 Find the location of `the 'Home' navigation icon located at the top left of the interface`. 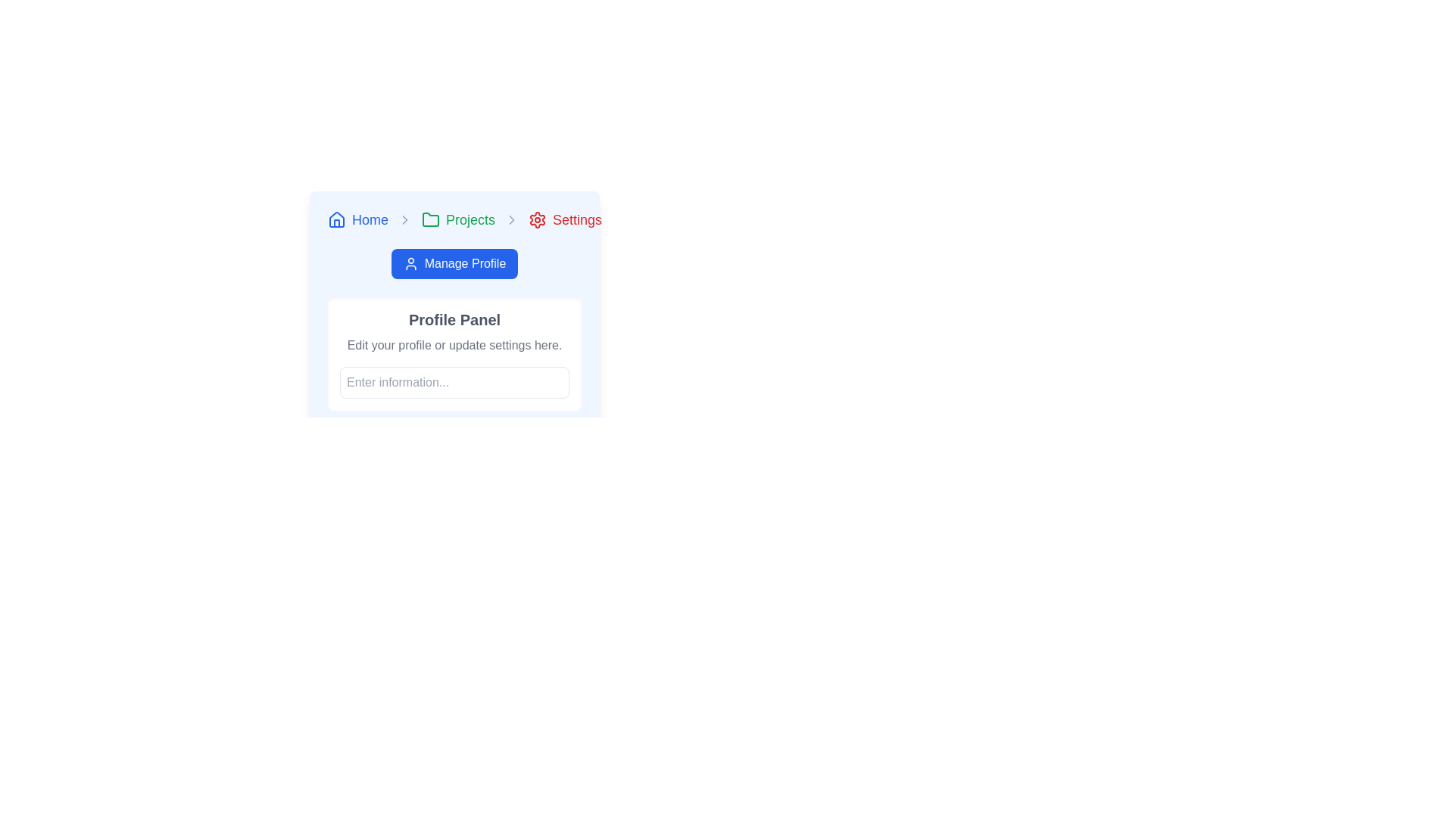

the 'Home' navigation icon located at the top left of the interface is located at coordinates (336, 219).